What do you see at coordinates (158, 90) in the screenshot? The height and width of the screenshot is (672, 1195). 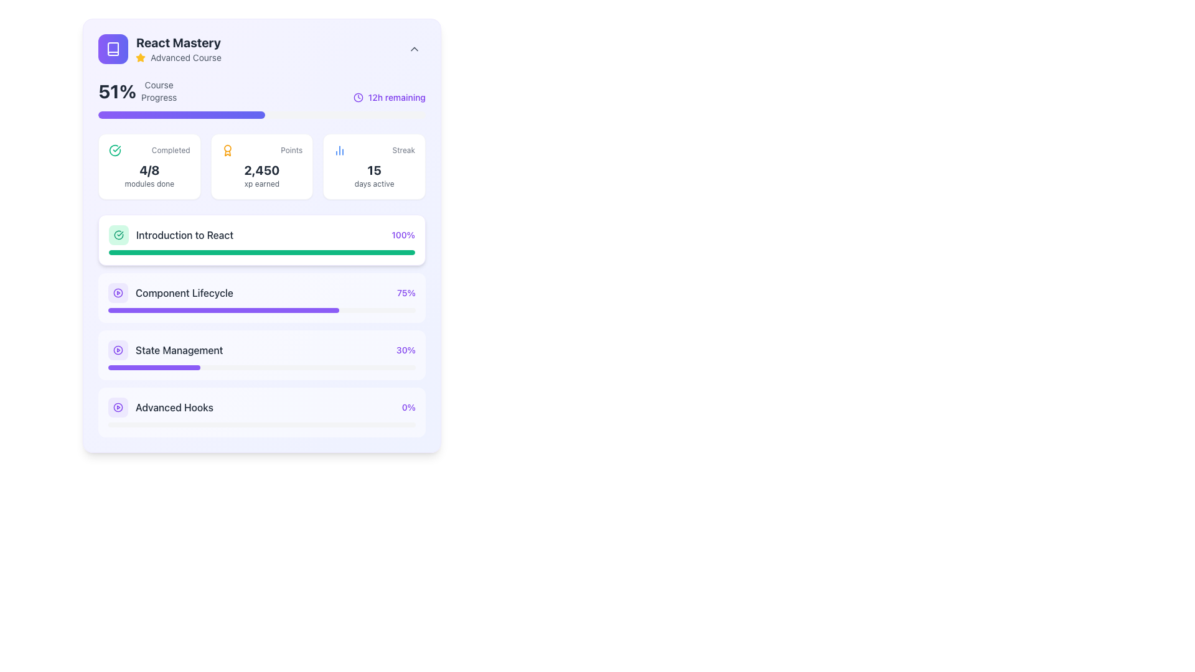 I see `the text label that describes the progress percentage, positioned below the '51%' text and above the progress bar in the top-left quadrant of the card` at bounding box center [158, 90].